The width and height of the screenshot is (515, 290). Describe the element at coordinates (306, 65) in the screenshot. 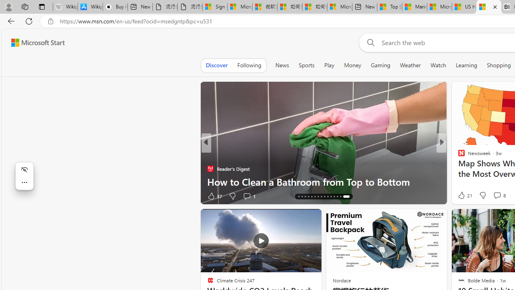

I see `'Sports'` at that location.